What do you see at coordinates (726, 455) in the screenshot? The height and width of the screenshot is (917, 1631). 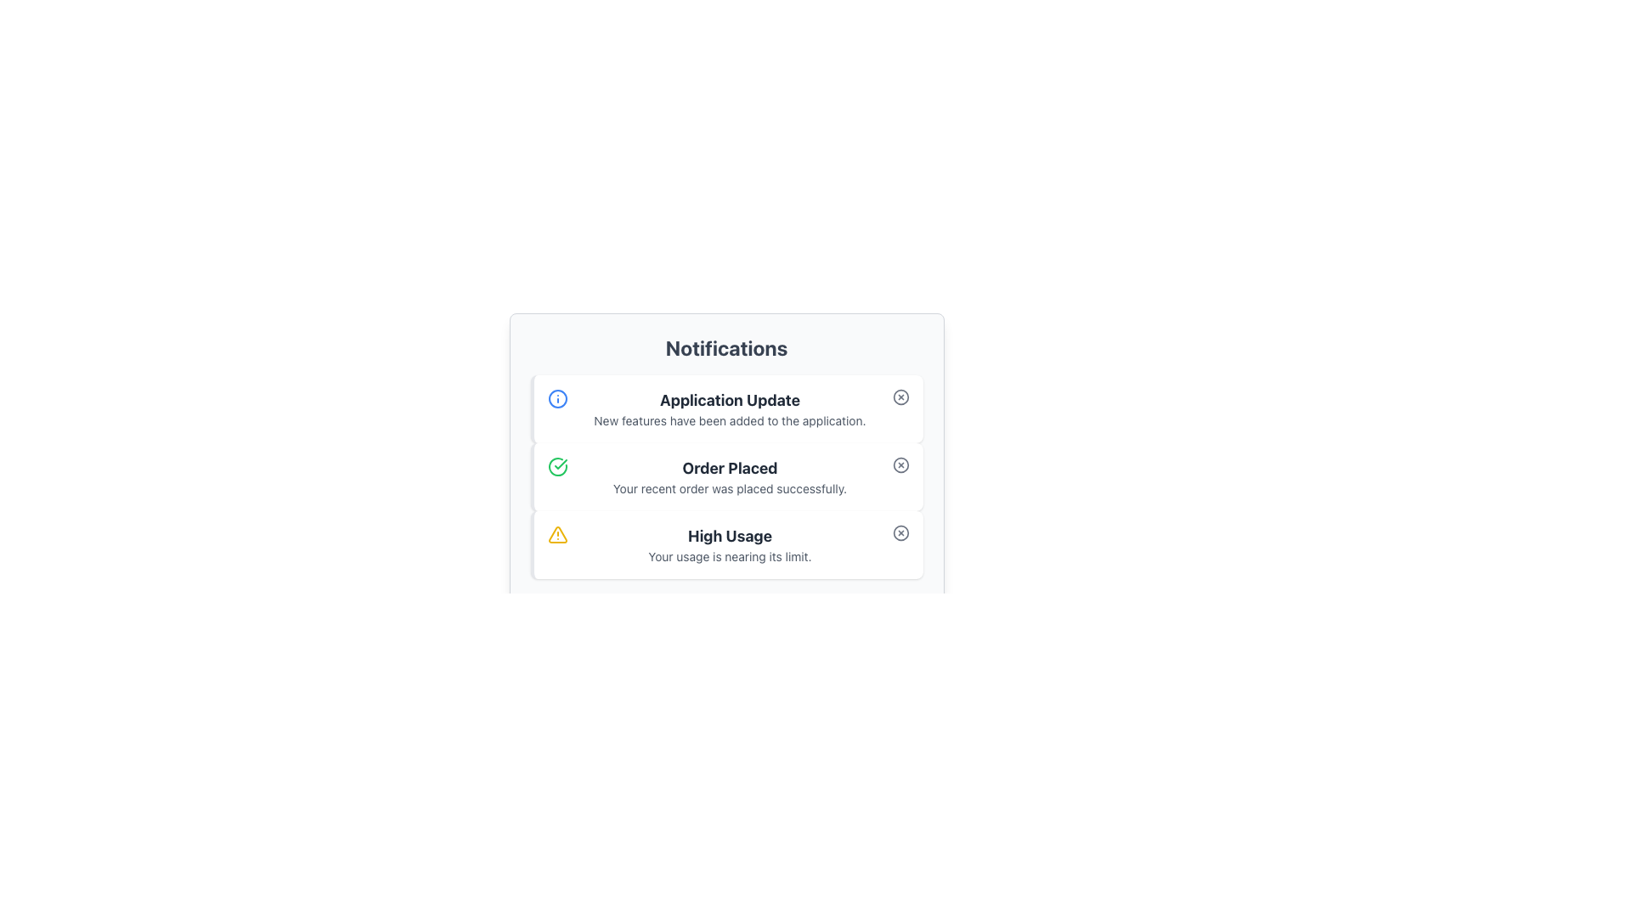 I see `the Notification block that indicates a successful order placement, located centrally below the 'Notifications' title and positioned between 'Application Update' and 'High Usage'` at bounding box center [726, 455].